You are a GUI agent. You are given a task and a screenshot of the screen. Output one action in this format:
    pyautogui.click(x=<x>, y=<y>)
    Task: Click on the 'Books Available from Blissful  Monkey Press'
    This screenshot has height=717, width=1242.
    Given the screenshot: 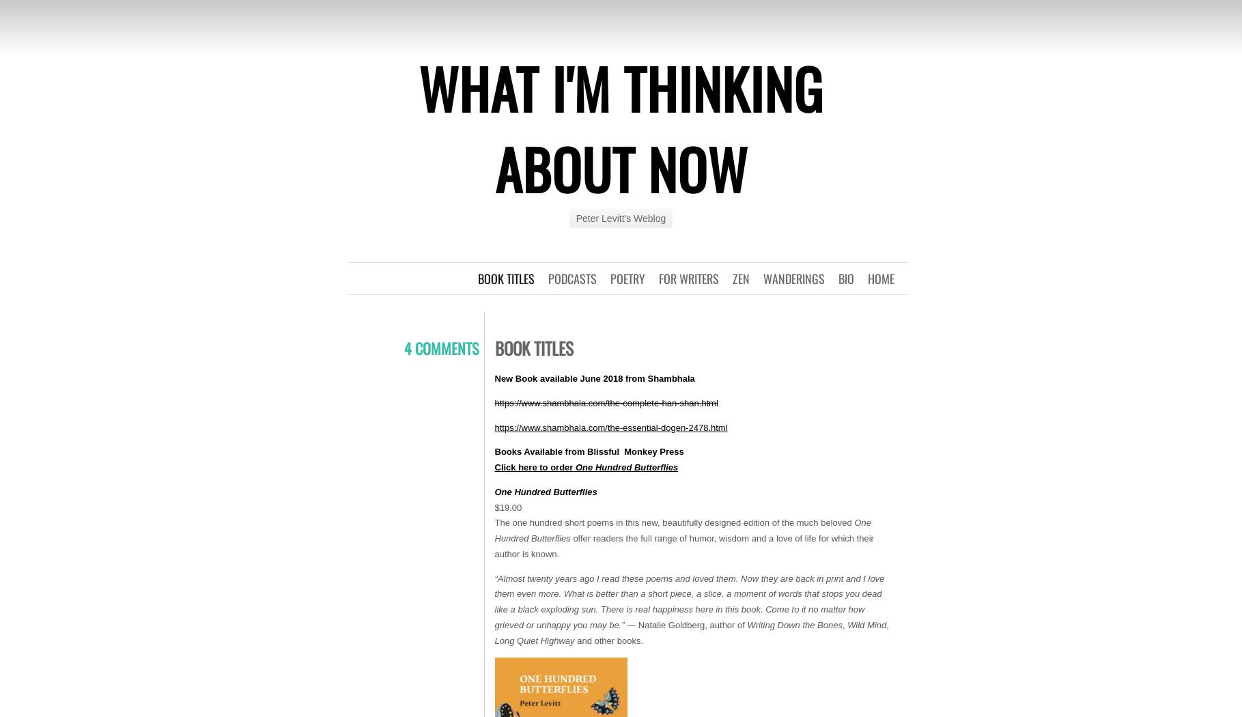 What is the action you would take?
    pyautogui.click(x=494, y=451)
    